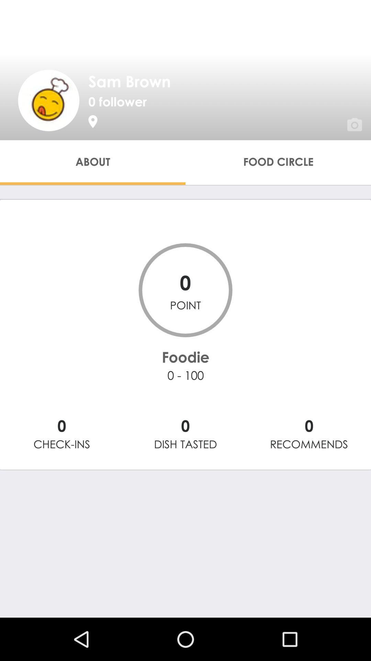  I want to click on the emoji icon, so click(48, 100).